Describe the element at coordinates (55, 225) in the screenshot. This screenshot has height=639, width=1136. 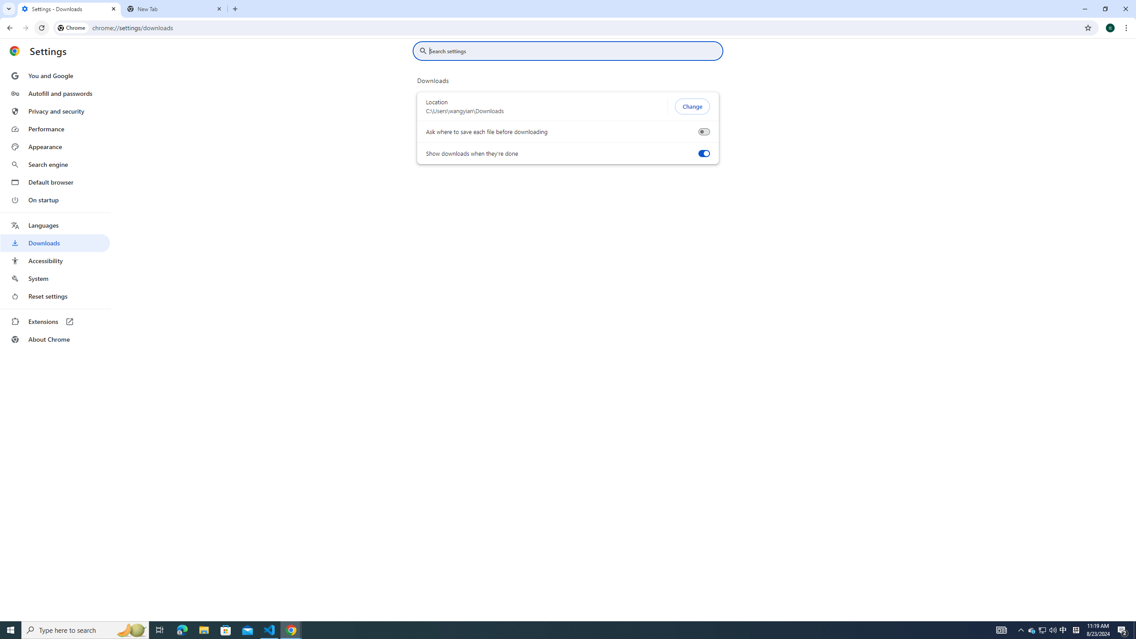
I see `'Languages'` at that location.